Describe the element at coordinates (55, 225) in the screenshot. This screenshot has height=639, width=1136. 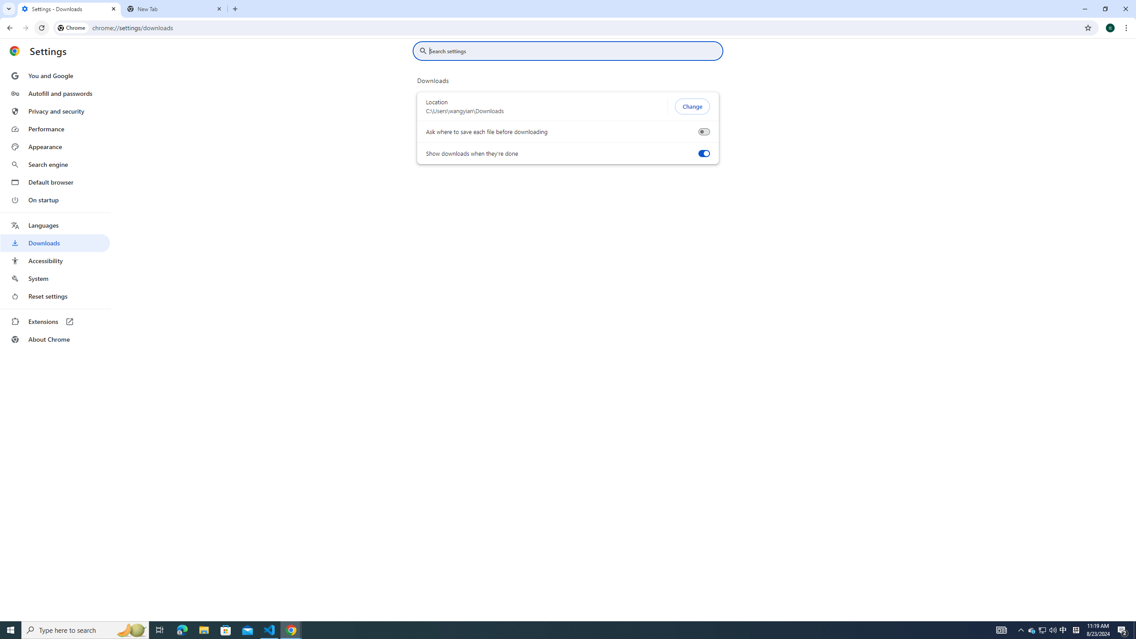
I see `'Languages'` at that location.